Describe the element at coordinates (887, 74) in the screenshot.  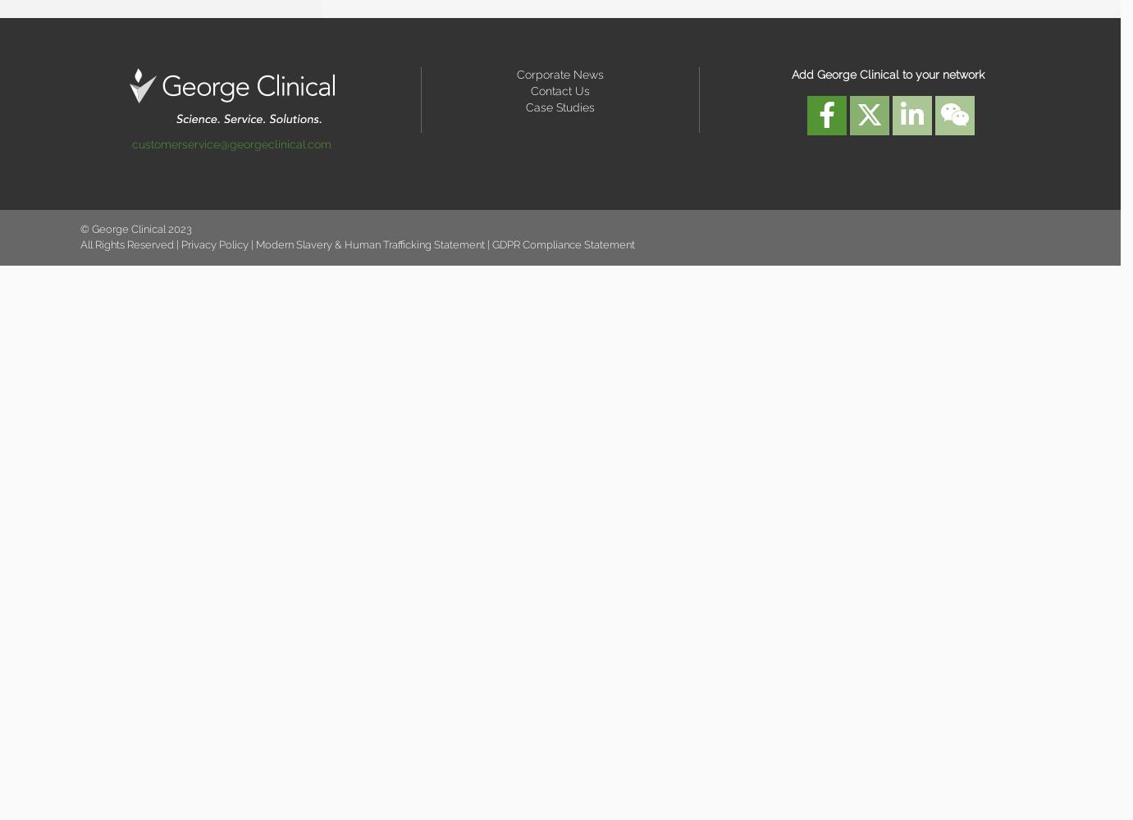
I see `'Add George Clinical to your network'` at that location.